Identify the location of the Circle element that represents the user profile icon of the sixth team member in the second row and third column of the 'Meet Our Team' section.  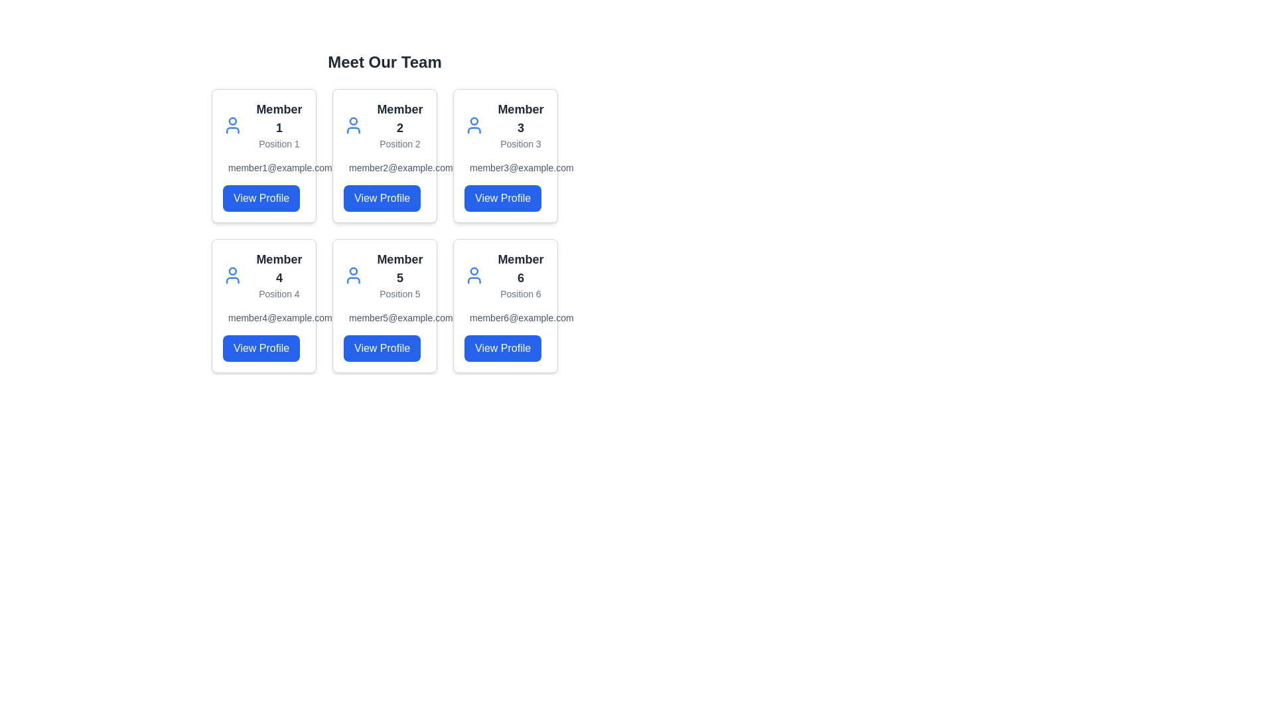
(474, 270).